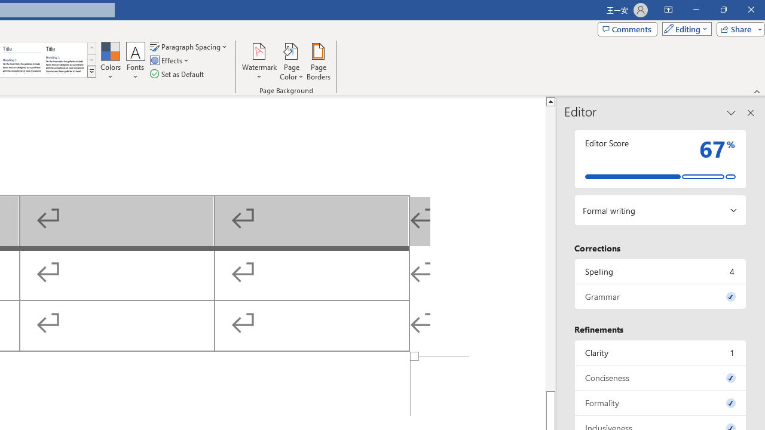 The width and height of the screenshot is (765, 430). What do you see at coordinates (178, 74) in the screenshot?
I see `'Set as Default'` at bounding box center [178, 74].